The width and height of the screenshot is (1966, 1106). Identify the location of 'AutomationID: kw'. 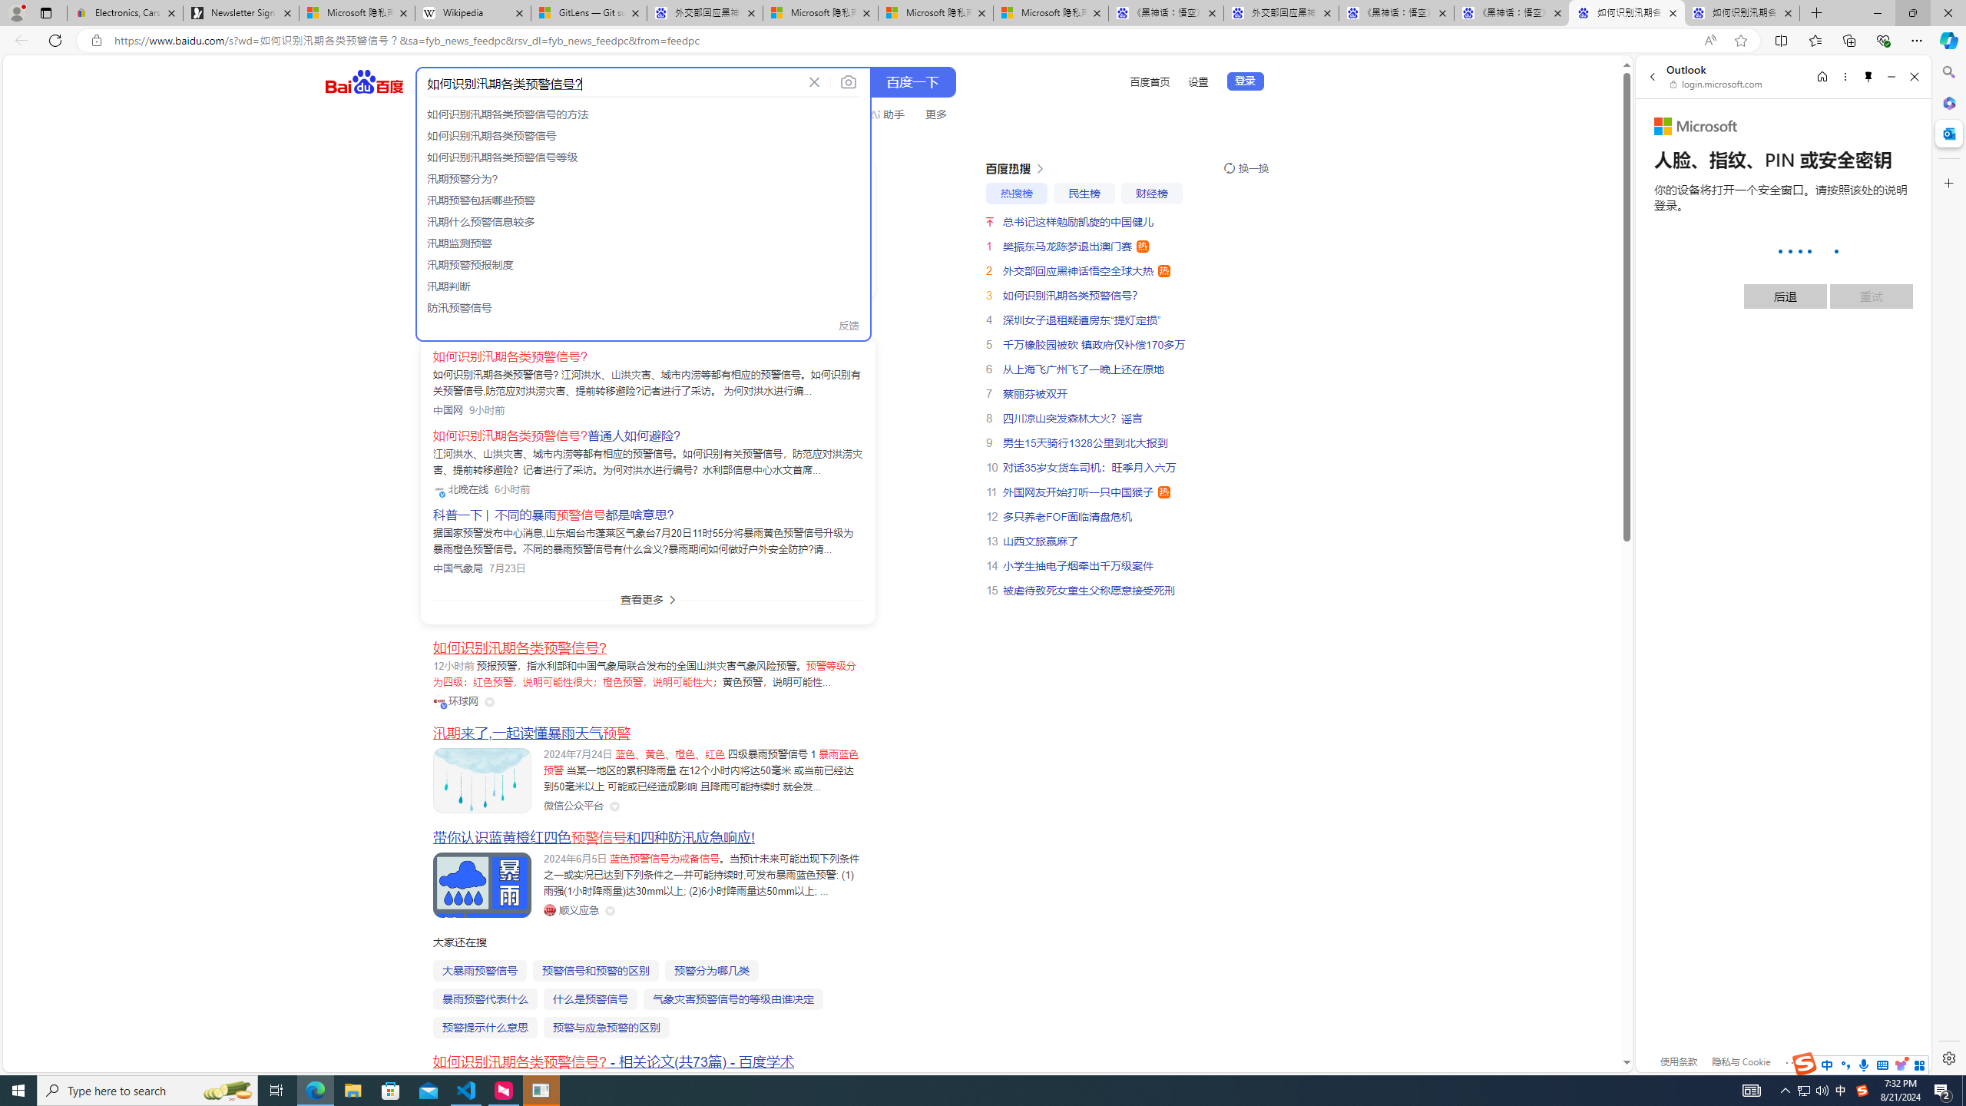
(610, 82).